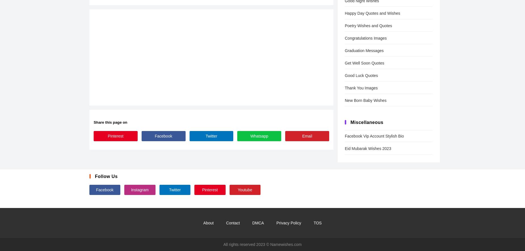  What do you see at coordinates (307, 135) in the screenshot?
I see `'Email'` at bounding box center [307, 135].